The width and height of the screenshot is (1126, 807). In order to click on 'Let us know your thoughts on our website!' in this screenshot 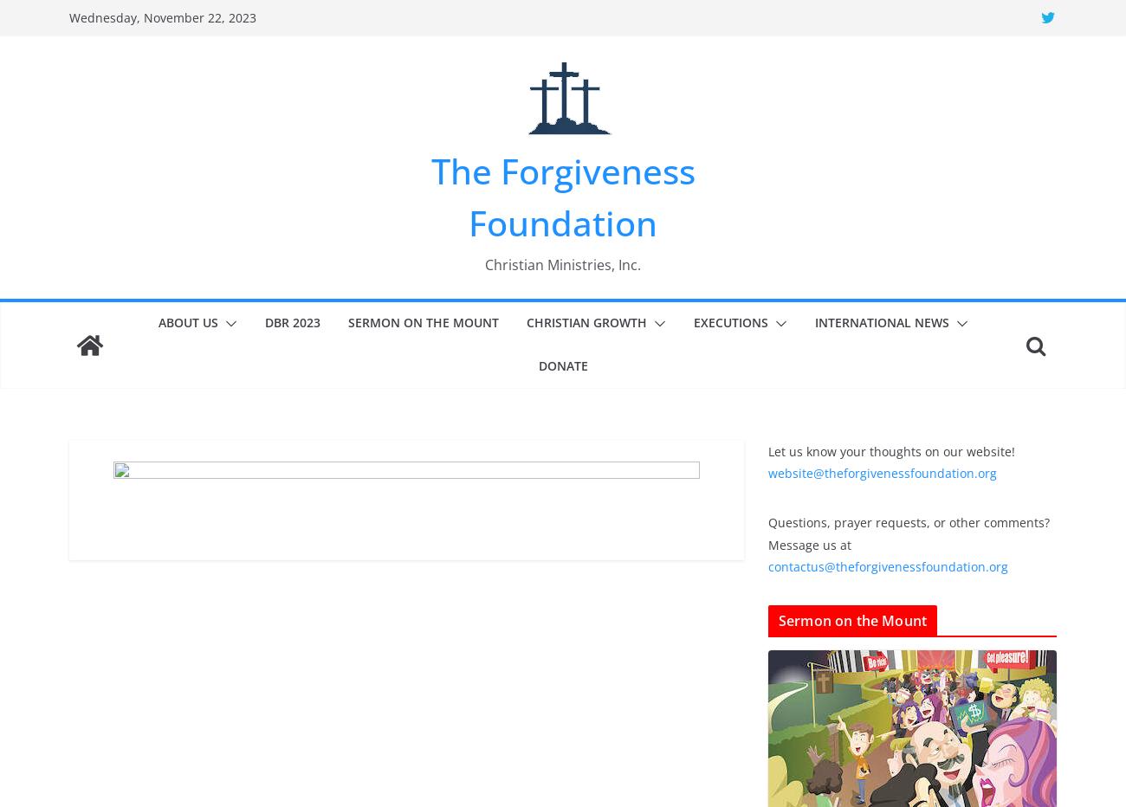, I will do `click(890, 449)`.